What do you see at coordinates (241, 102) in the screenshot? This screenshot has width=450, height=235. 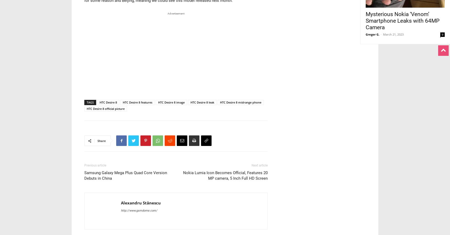 I see `'HTC Desire 8 midrange phone'` at bounding box center [241, 102].